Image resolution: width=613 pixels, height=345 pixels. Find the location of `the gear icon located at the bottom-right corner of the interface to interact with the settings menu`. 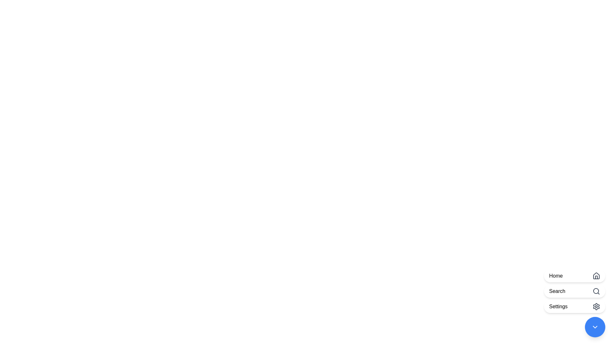

the gear icon located at the bottom-right corner of the interface to interact with the settings menu is located at coordinates (596, 306).